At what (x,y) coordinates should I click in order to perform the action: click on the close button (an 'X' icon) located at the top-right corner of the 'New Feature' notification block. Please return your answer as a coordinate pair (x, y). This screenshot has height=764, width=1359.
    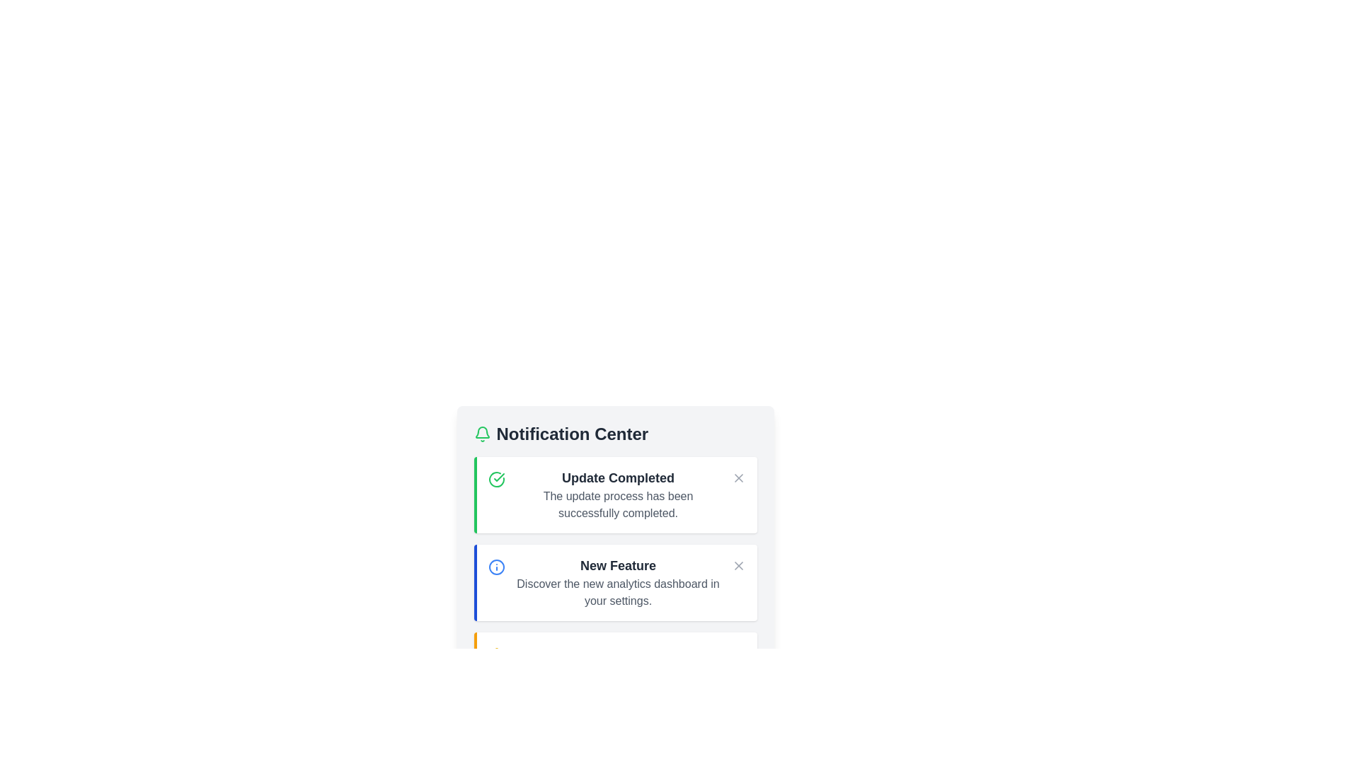
    Looking at the image, I should click on (738, 565).